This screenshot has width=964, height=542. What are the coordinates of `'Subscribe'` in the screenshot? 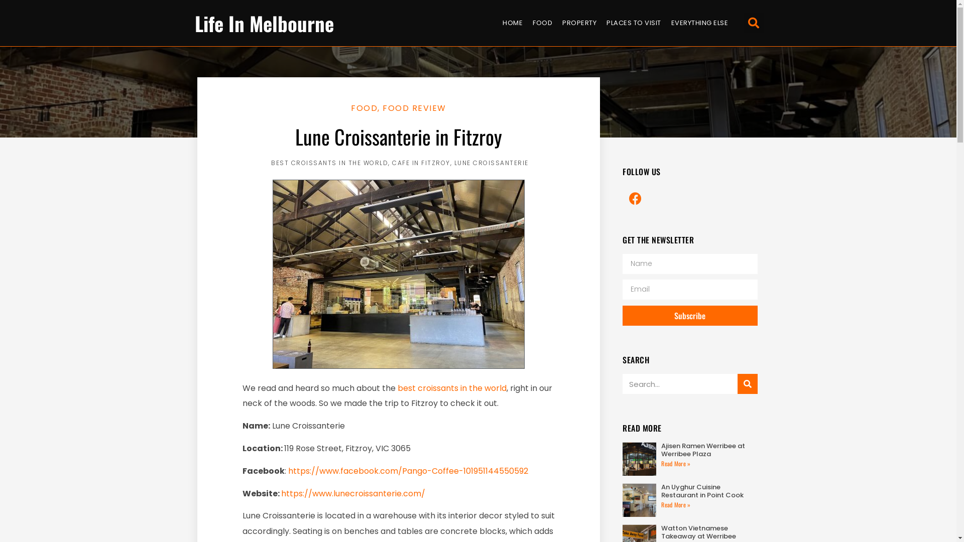 It's located at (622, 315).